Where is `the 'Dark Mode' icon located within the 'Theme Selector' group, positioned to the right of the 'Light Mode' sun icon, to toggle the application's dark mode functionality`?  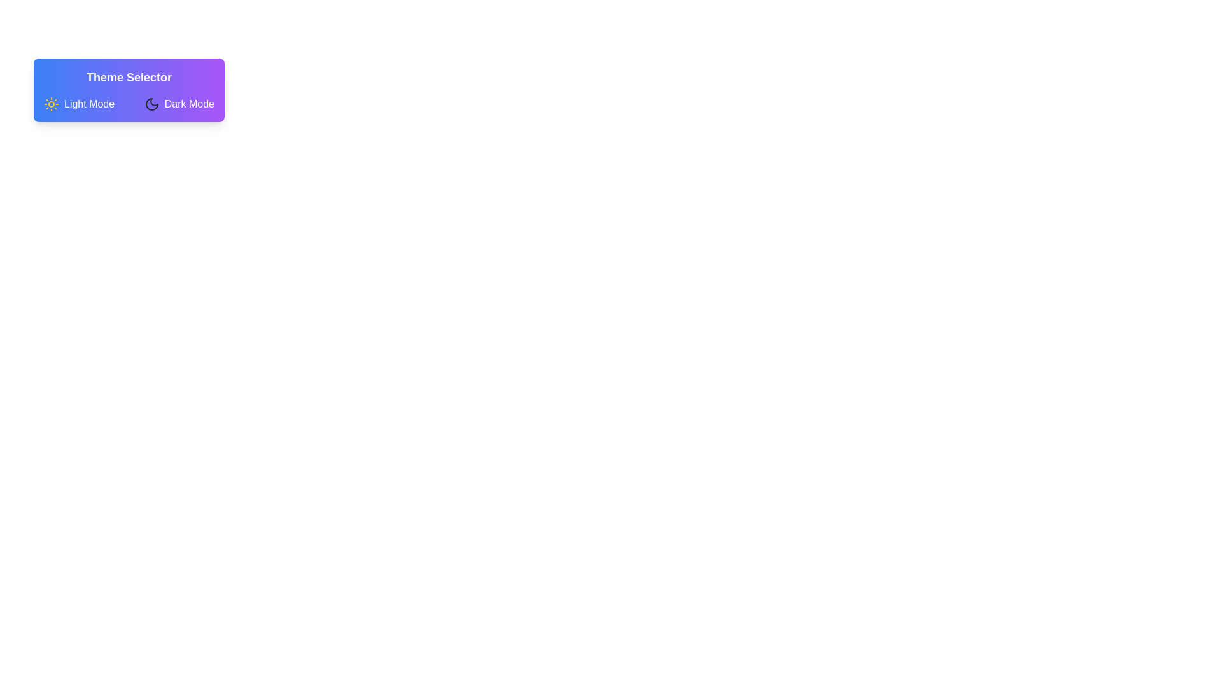 the 'Dark Mode' icon located within the 'Theme Selector' group, positioned to the right of the 'Light Mode' sun icon, to toggle the application's dark mode functionality is located at coordinates (151, 104).